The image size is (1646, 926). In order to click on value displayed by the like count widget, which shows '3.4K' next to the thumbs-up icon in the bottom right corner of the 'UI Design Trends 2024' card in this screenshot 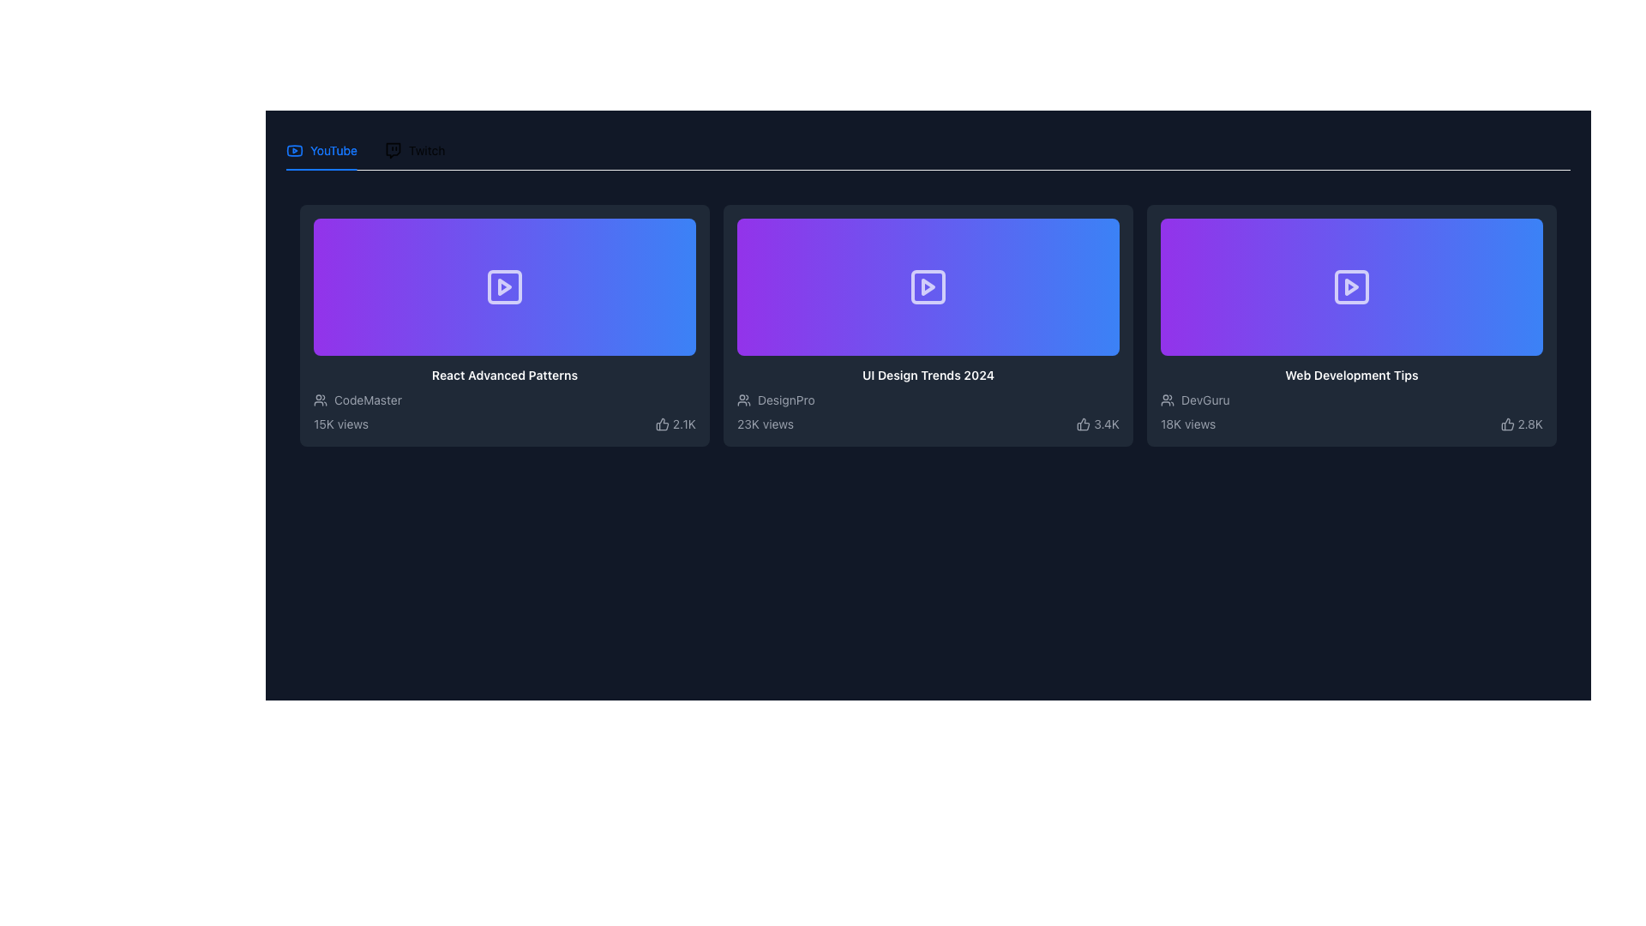, I will do `click(1098, 424)`.